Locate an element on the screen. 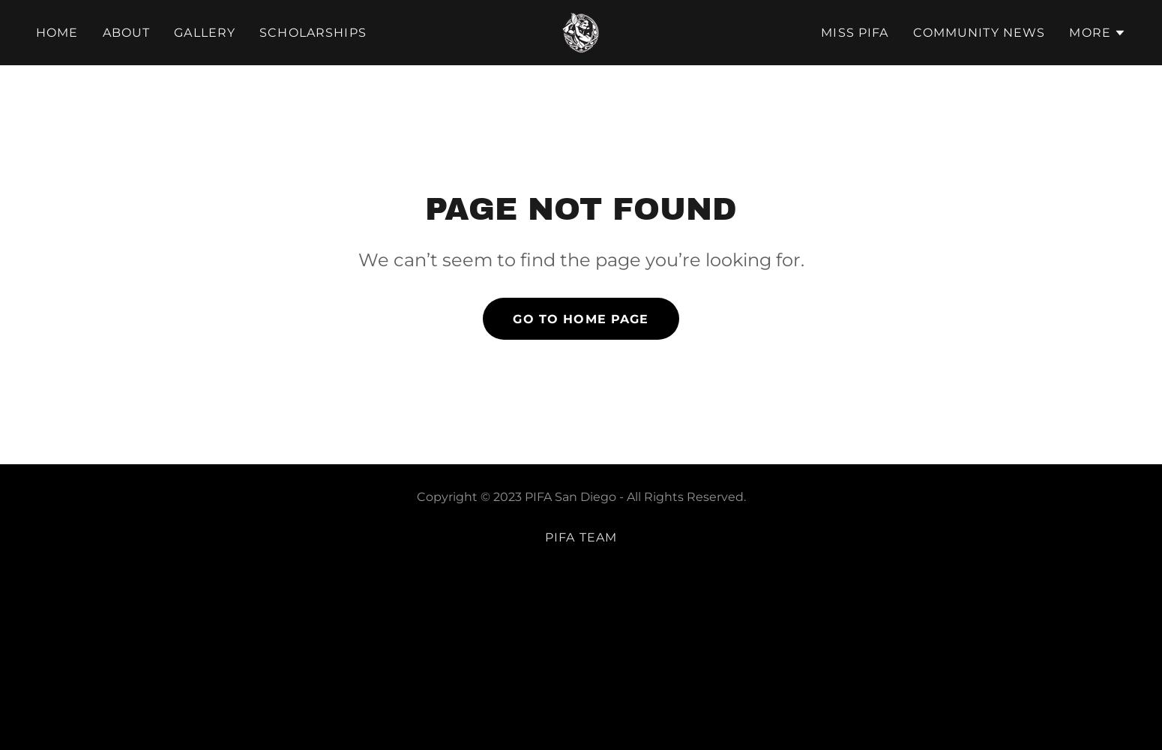  'Copyright © 2023 PIFA San Diego - All Rights Reserved.' is located at coordinates (580, 496).